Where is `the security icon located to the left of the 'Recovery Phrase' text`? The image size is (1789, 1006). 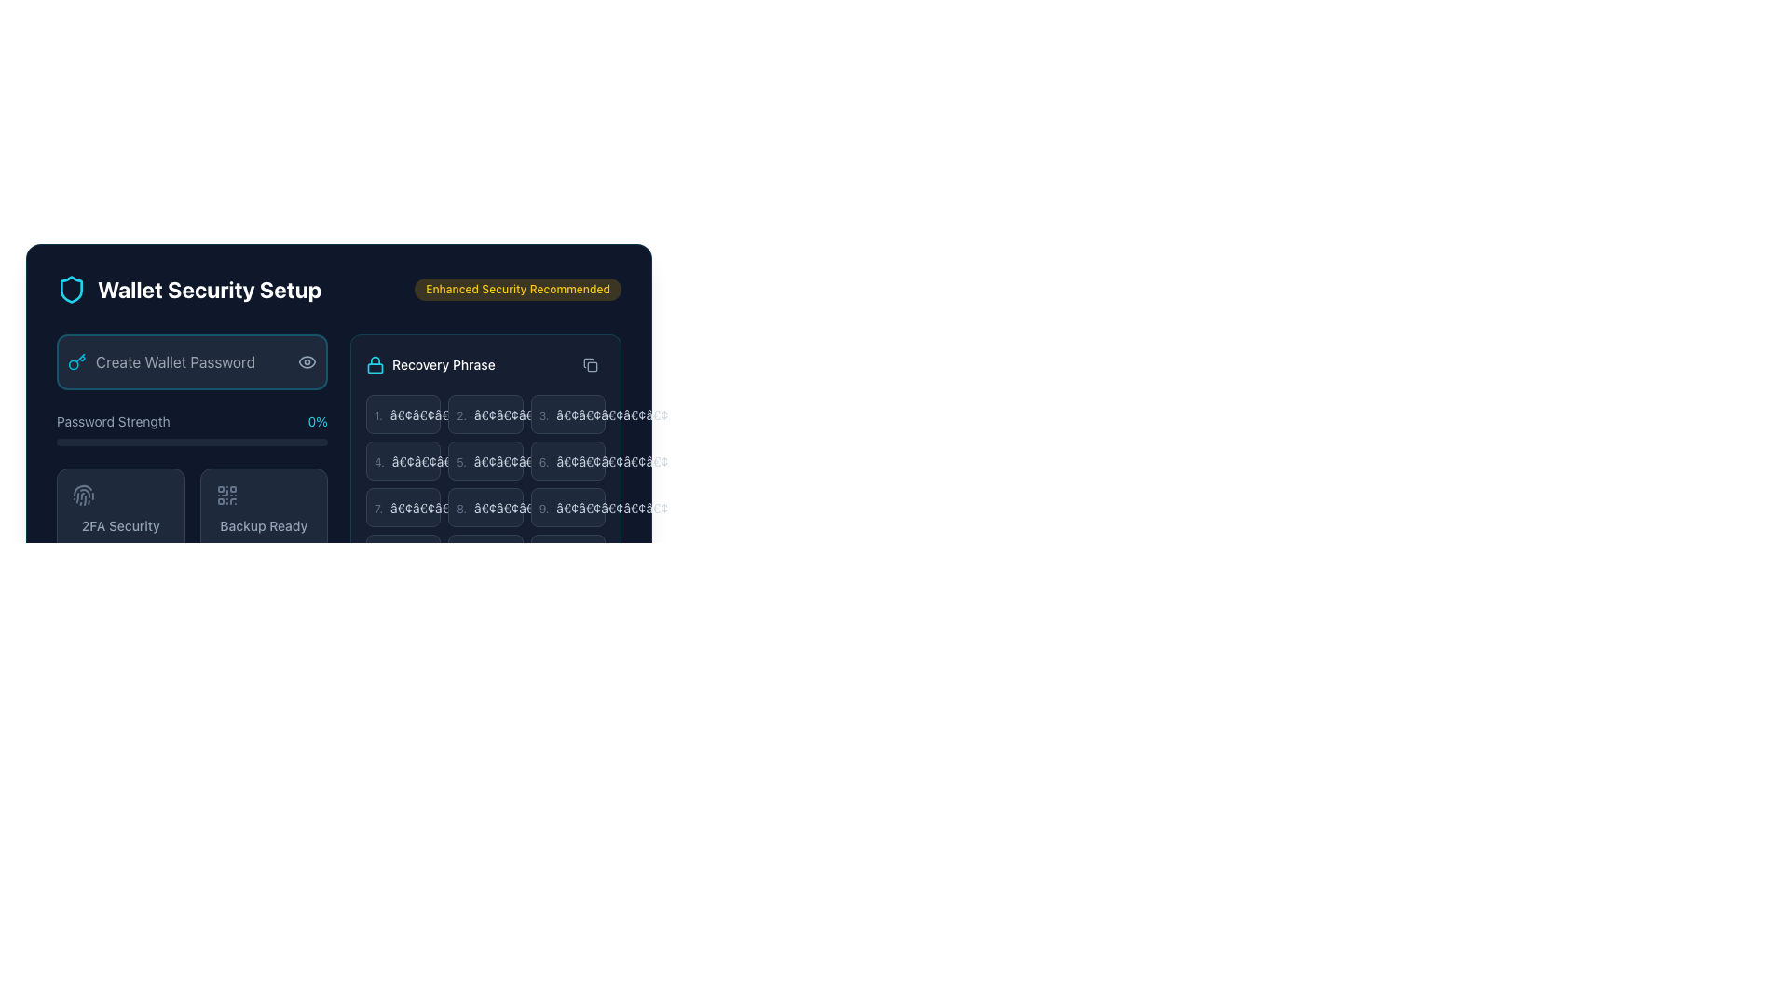
the security icon located to the left of the 'Recovery Phrase' text is located at coordinates (375, 365).